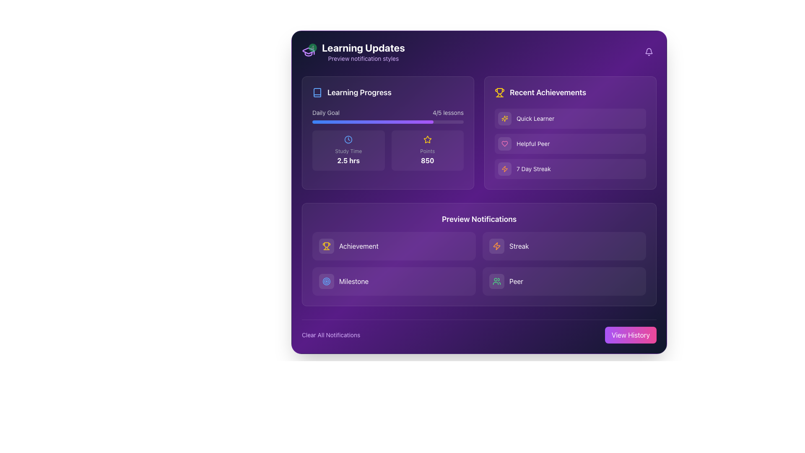 The width and height of the screenshot is (805, 453). What do you see at coordinates (372, 122) in the screenshot?
I see `the horizontal gradient progress bar transitioning from blue to purple, which is located within the 'Learning Progress' card and aligned with the 'Daily Goal' label` at bounding box center [372, 122].